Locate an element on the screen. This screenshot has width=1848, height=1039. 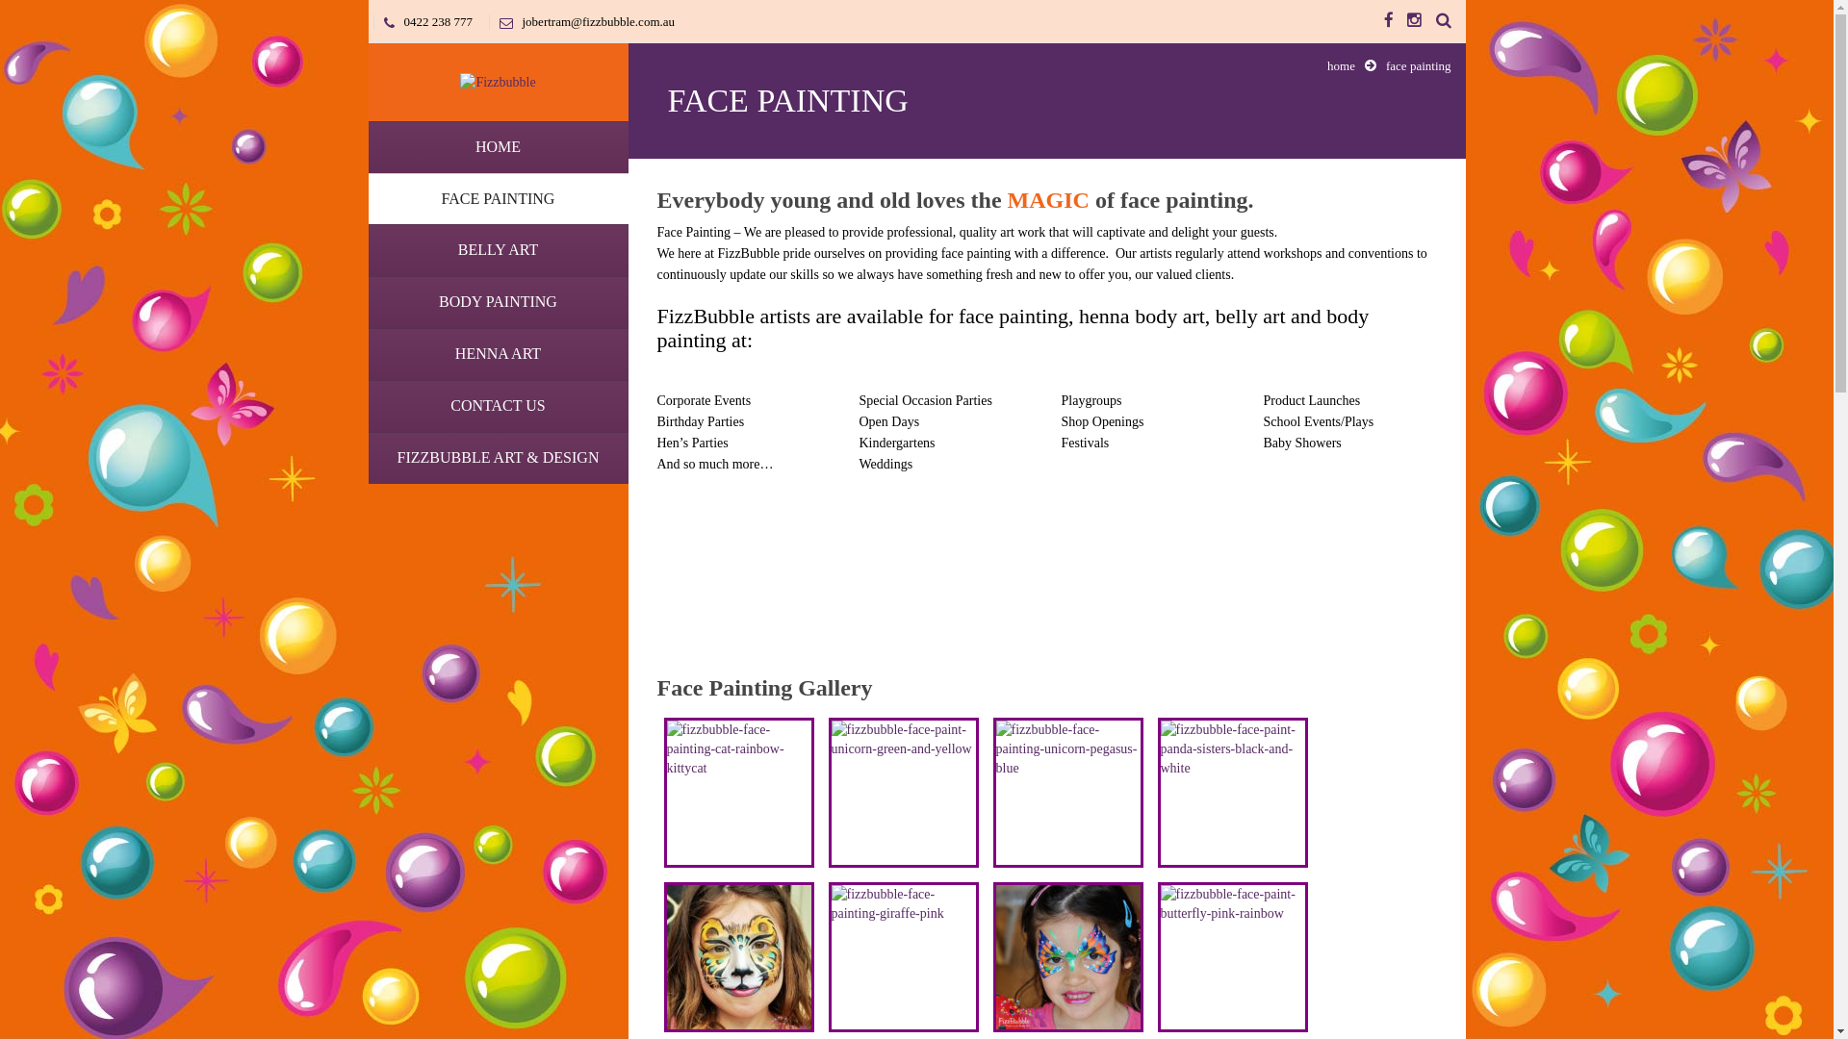
'home' is located at coordinates (1340, 64).